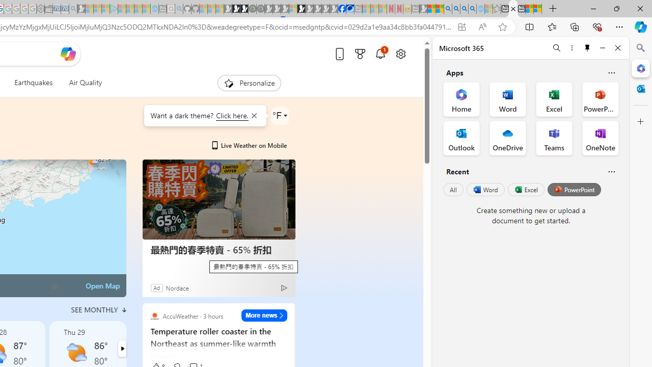 The width and height of the screenshot is (652, 367). What do you see at coordinates (33, 83) in the screenshot?
I see `'Earthquakes'` at bounding box center [33, 83].